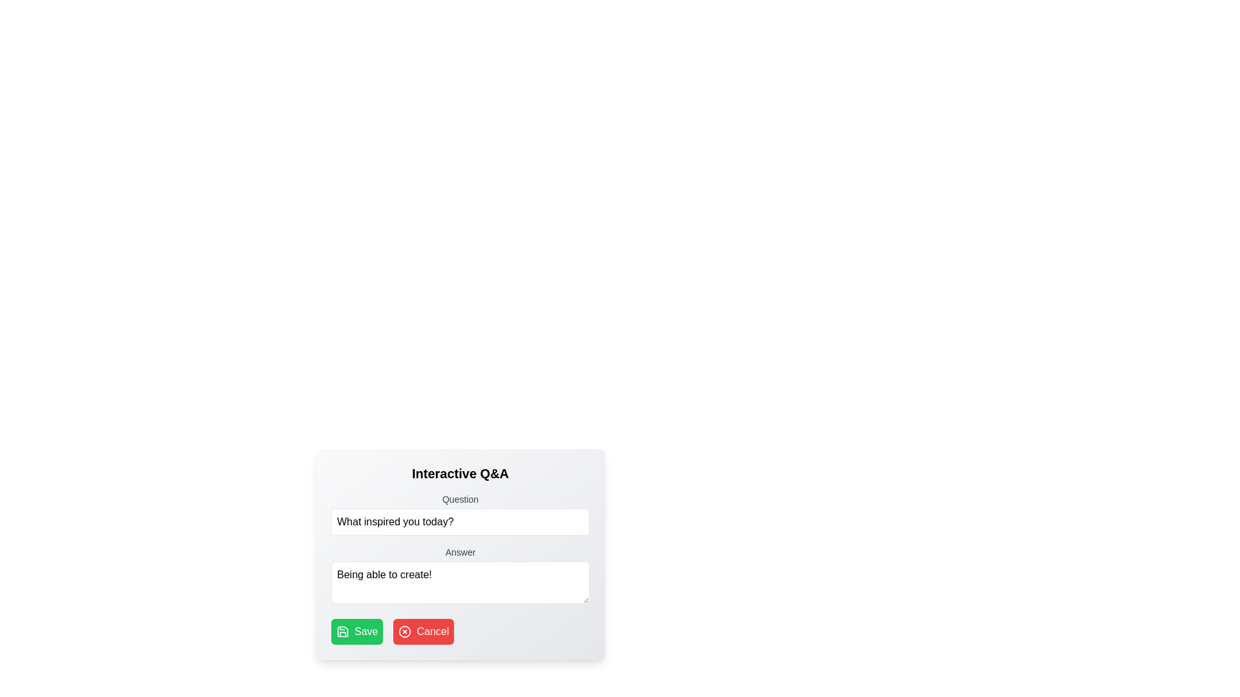 This screenshot has width=1240, height=697. I want to click on the text heading element that reads 'Interactive Q&A', styled in bold and larger font, positioned at the top of its section, so click(460, 473).